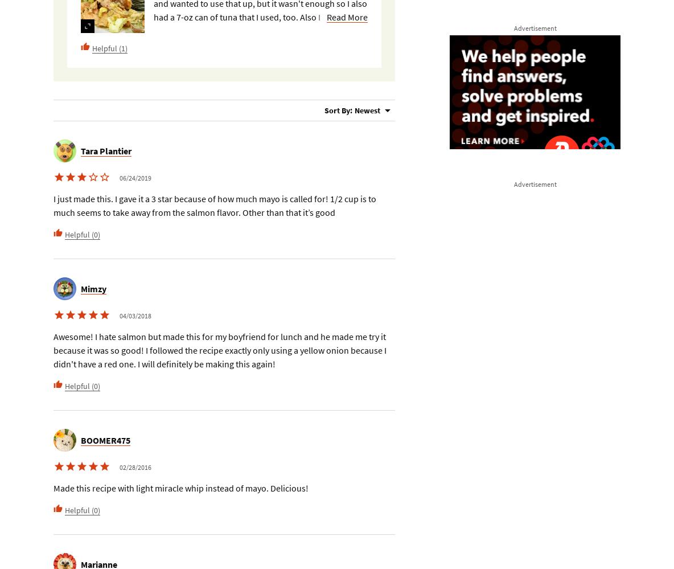 The height and width of the screenshot is (569, 674). Describe the element at coordinates (105, 151) in the screenshot. I see `'Tara Plantier'` at that location.